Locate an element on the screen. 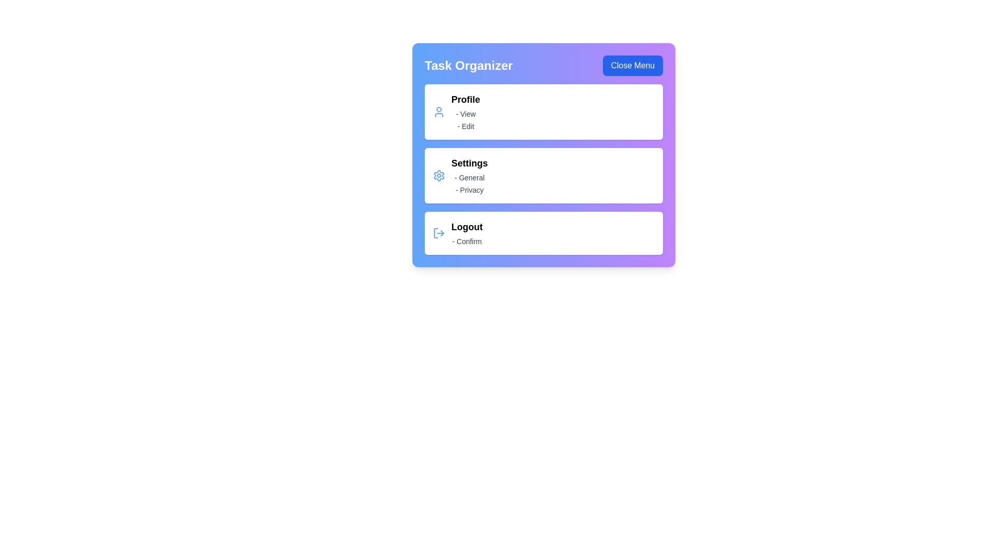  the menu item 'Logout' to observe hover effects is located at coordinates (543, 233).